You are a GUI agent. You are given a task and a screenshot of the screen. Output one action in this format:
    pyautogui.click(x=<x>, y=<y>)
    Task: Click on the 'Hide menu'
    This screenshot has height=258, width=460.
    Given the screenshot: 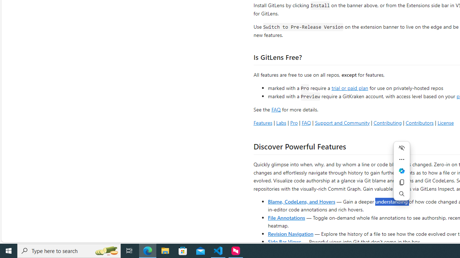 What is the action you would take?
    pyautogui.click(x=401, y=147)
    